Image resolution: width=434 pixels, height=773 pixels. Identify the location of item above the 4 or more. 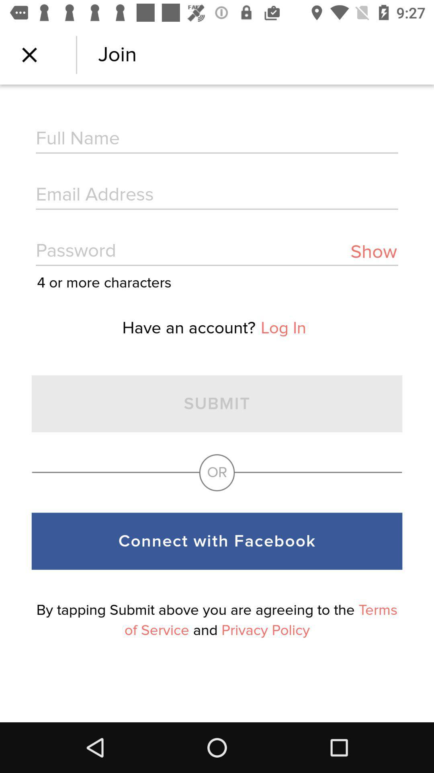
(217, 251).